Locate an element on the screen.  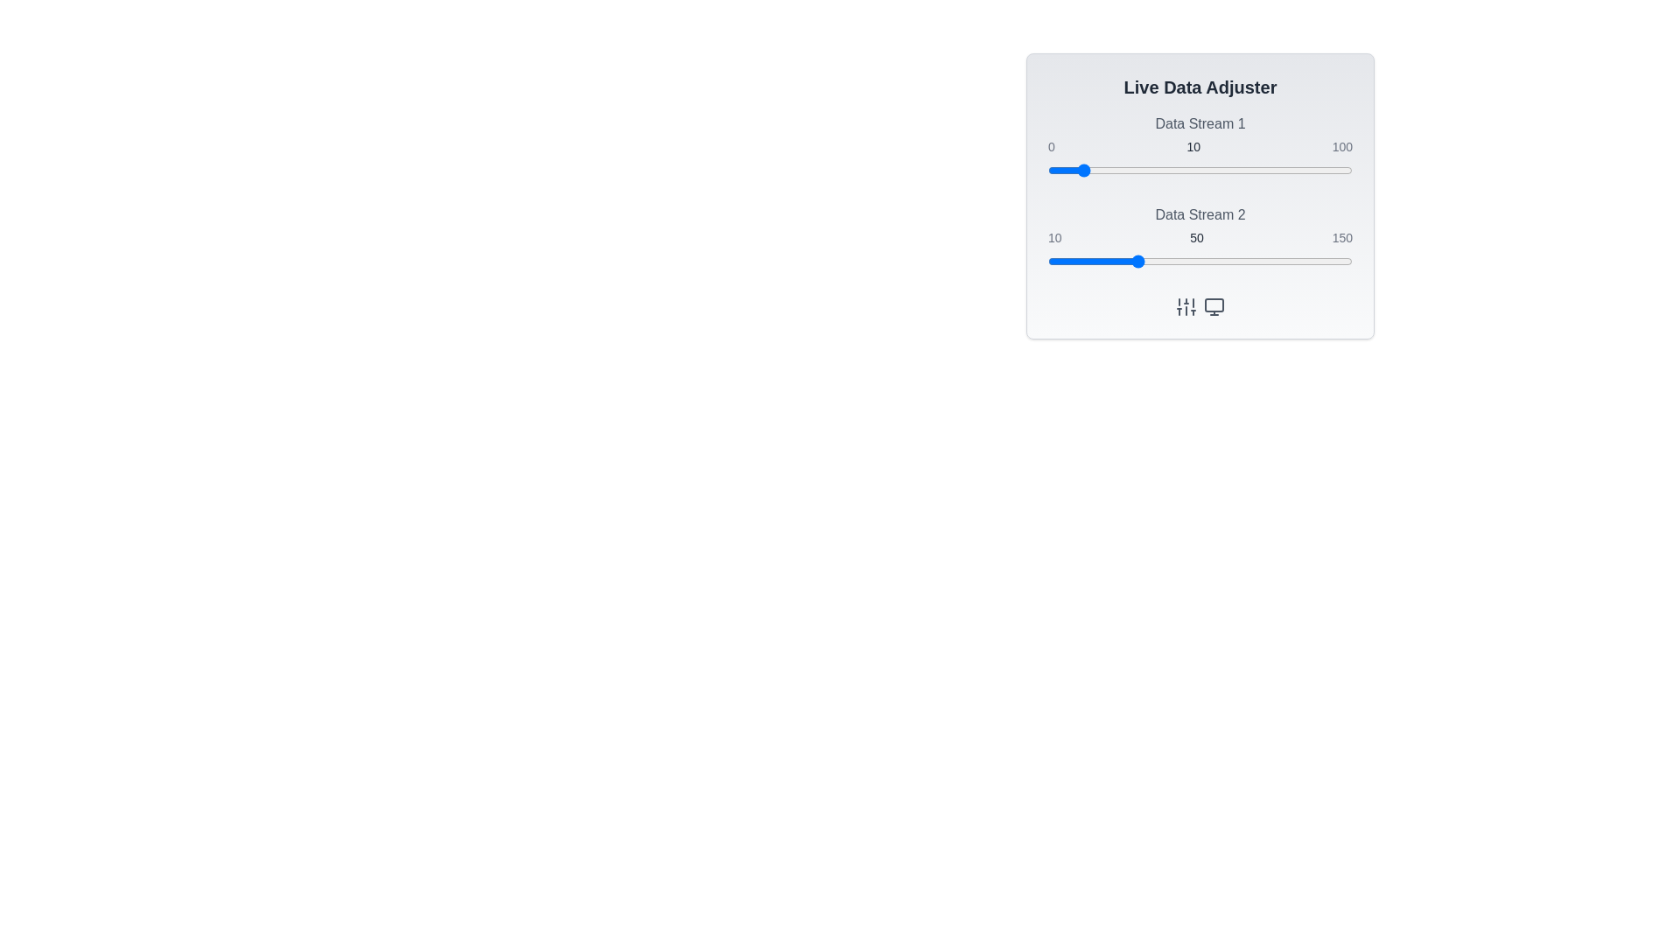
the slider value is located at coordinates (1137, 262).